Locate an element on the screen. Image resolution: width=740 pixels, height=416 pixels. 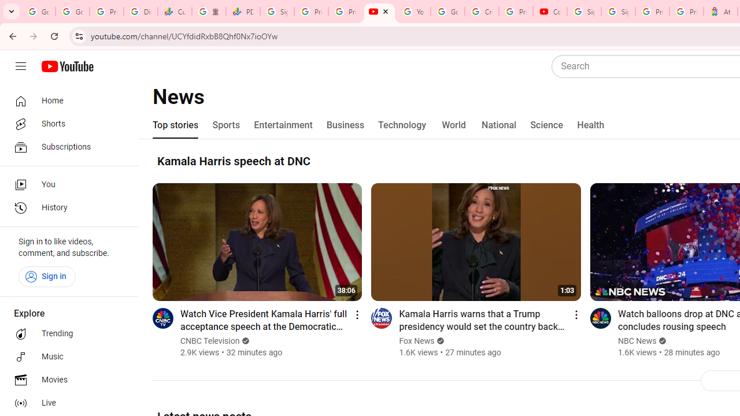
'Go to channel' is located at coordinates (600, 318).